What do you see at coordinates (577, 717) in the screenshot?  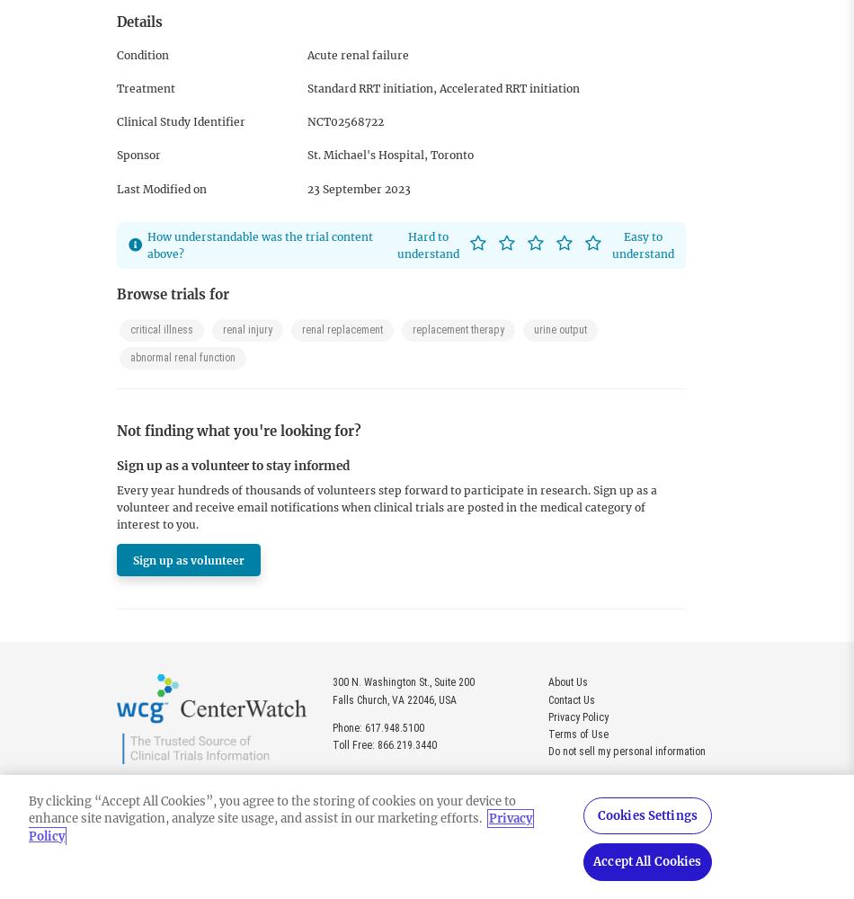 I see `'Privacy Policy'` at bounding box center [577, 717].